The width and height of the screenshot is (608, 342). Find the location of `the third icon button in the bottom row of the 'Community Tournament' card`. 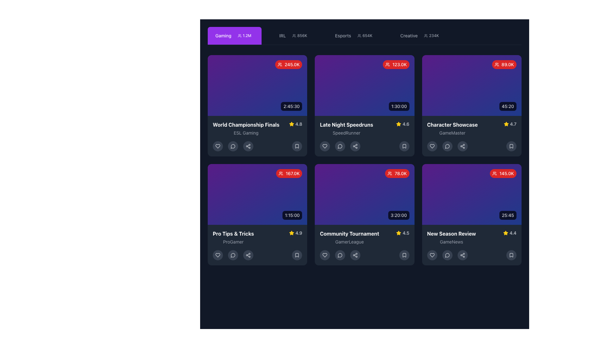

the third icon button in the bottom row of the 'Community Tournament' card is located at coordinates (340, 255).